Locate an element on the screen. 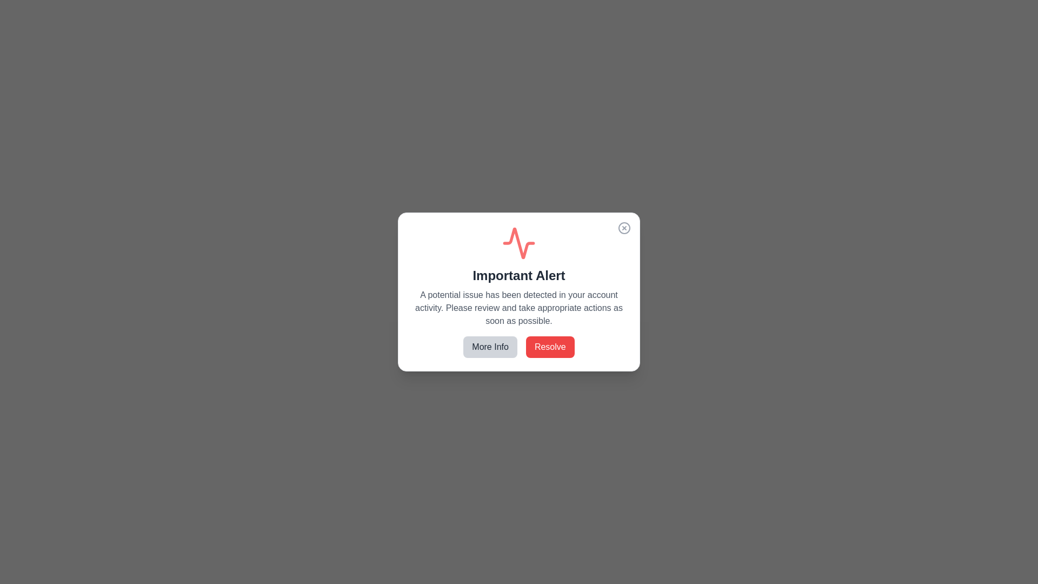 The image size is (1038, 584). close button in the top-right corner of the dialog to dismiss it is located at coordinates (624, 227).